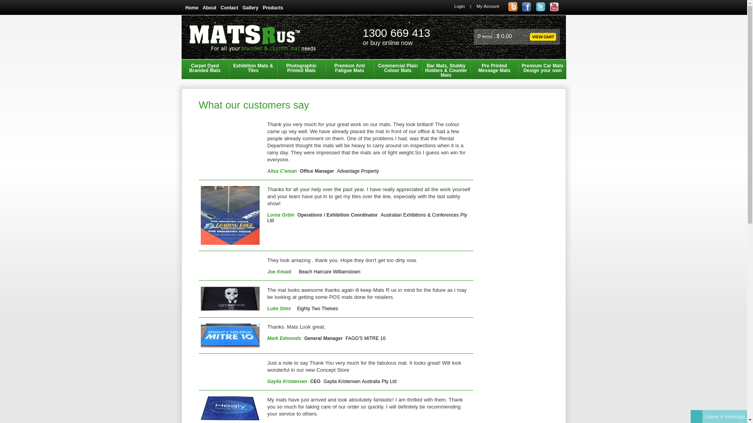 This screenshot has width=753, height=423. Describe the element at coordinates (527, 10) in the screenshot. I see `'Facebook account'` at that location.